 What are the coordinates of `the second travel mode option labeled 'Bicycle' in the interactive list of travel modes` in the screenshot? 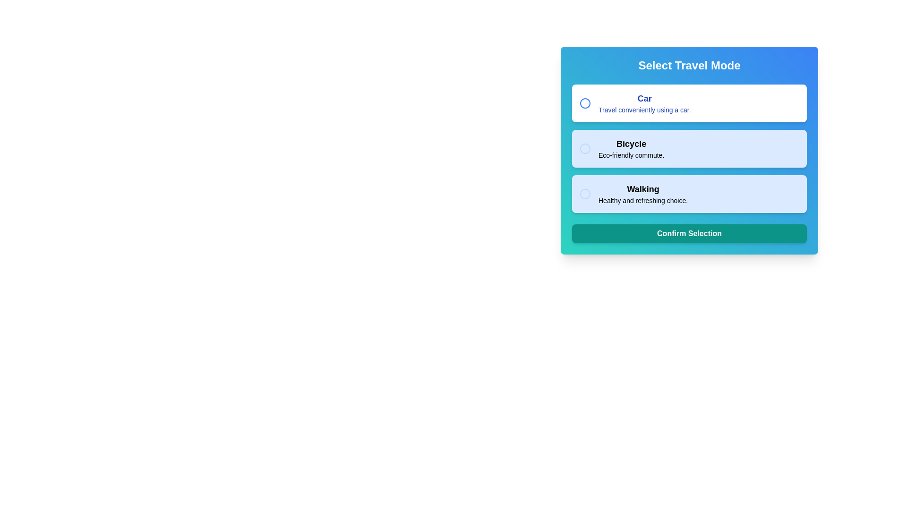 It's located at (689, 149).